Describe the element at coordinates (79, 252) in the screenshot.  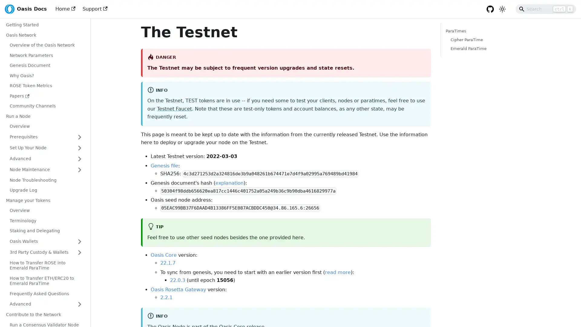
I see `Toggle the collapsible sidebar category '3rd Party Custody & Wallets'` at that location.